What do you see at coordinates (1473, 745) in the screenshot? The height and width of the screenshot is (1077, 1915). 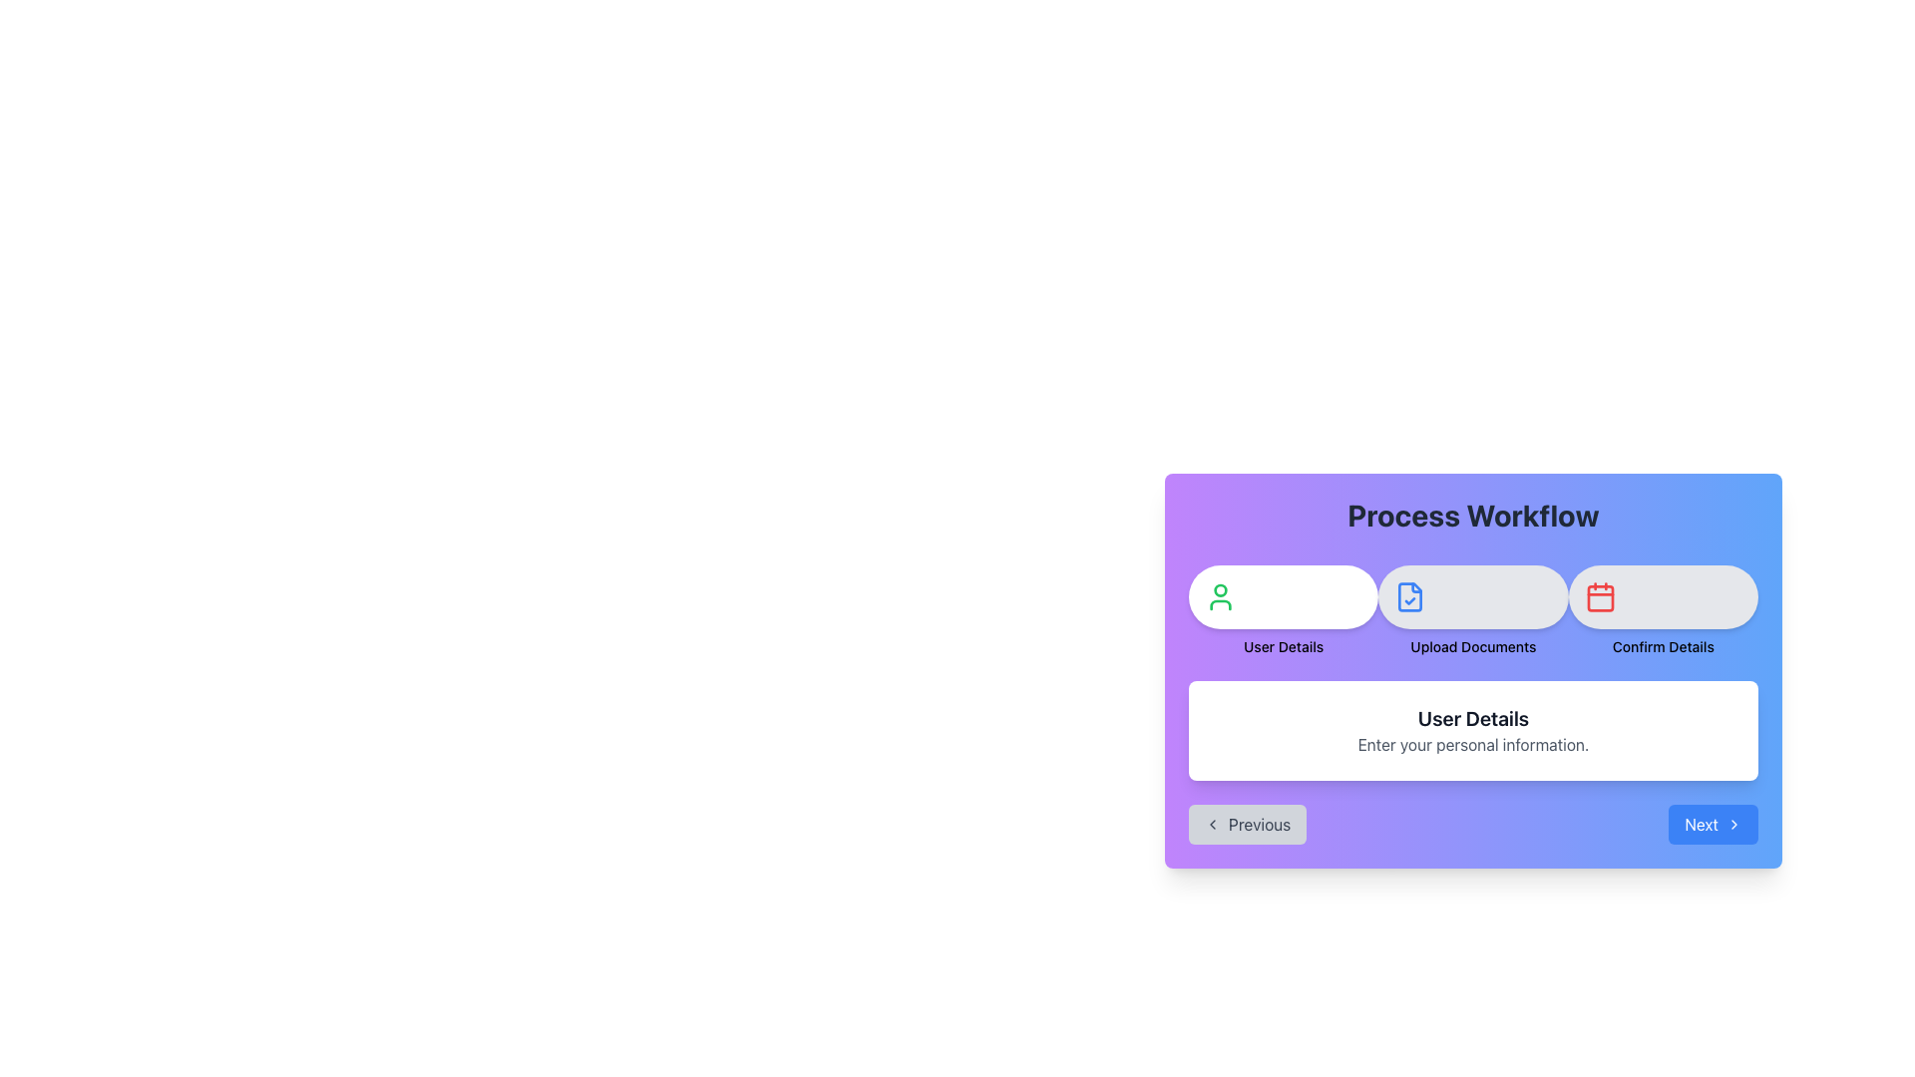 I see `the text label positioned below the 'User Details' heading, which provides descriptive information about the section` at bounding box center [1473, 745].